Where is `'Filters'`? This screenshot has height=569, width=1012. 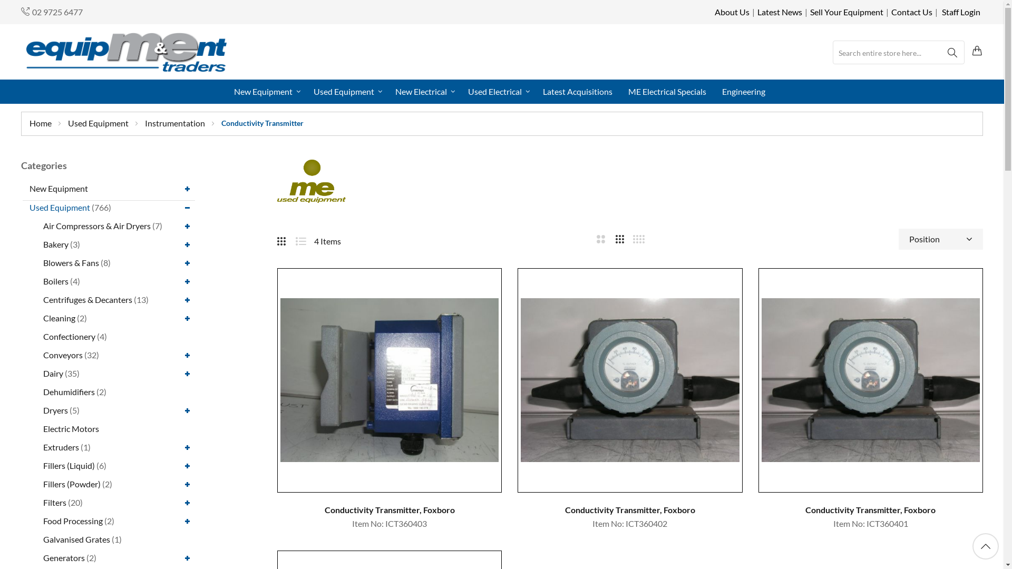 'Filters' is located at coordinates (54, 502).